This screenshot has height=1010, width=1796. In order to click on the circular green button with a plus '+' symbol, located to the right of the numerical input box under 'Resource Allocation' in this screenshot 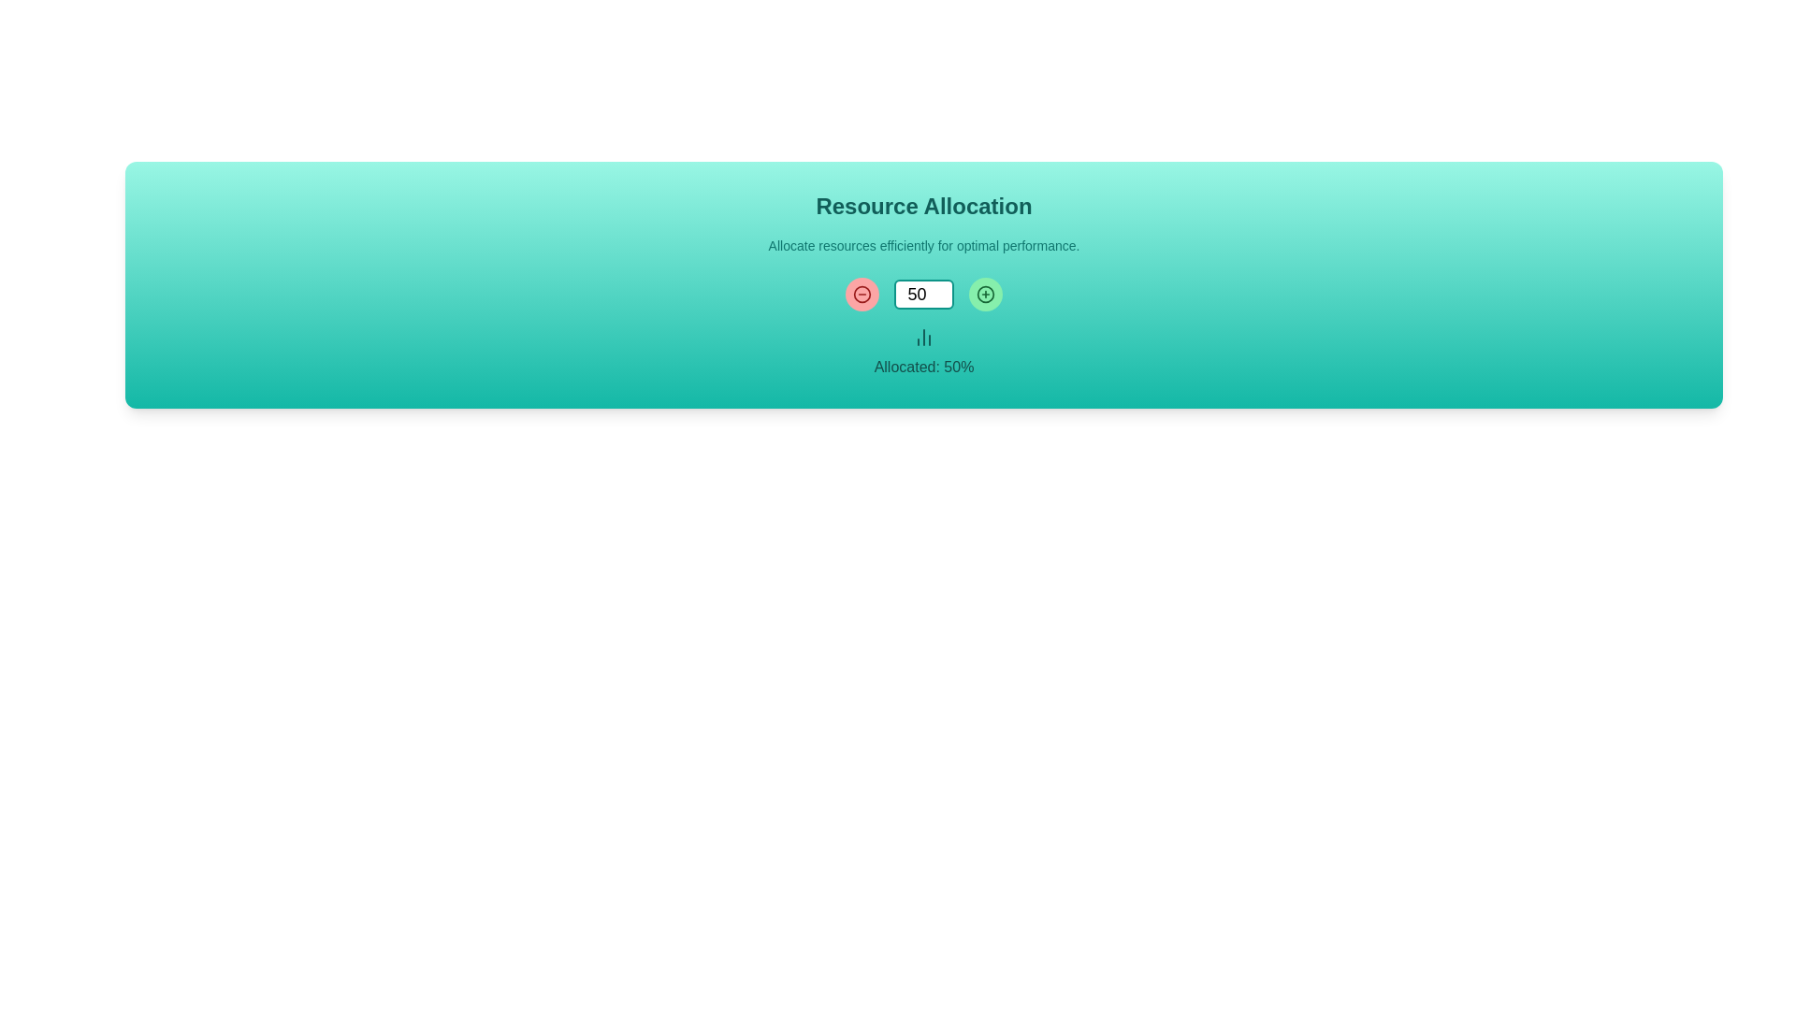, I will do `click(985, 295)`.